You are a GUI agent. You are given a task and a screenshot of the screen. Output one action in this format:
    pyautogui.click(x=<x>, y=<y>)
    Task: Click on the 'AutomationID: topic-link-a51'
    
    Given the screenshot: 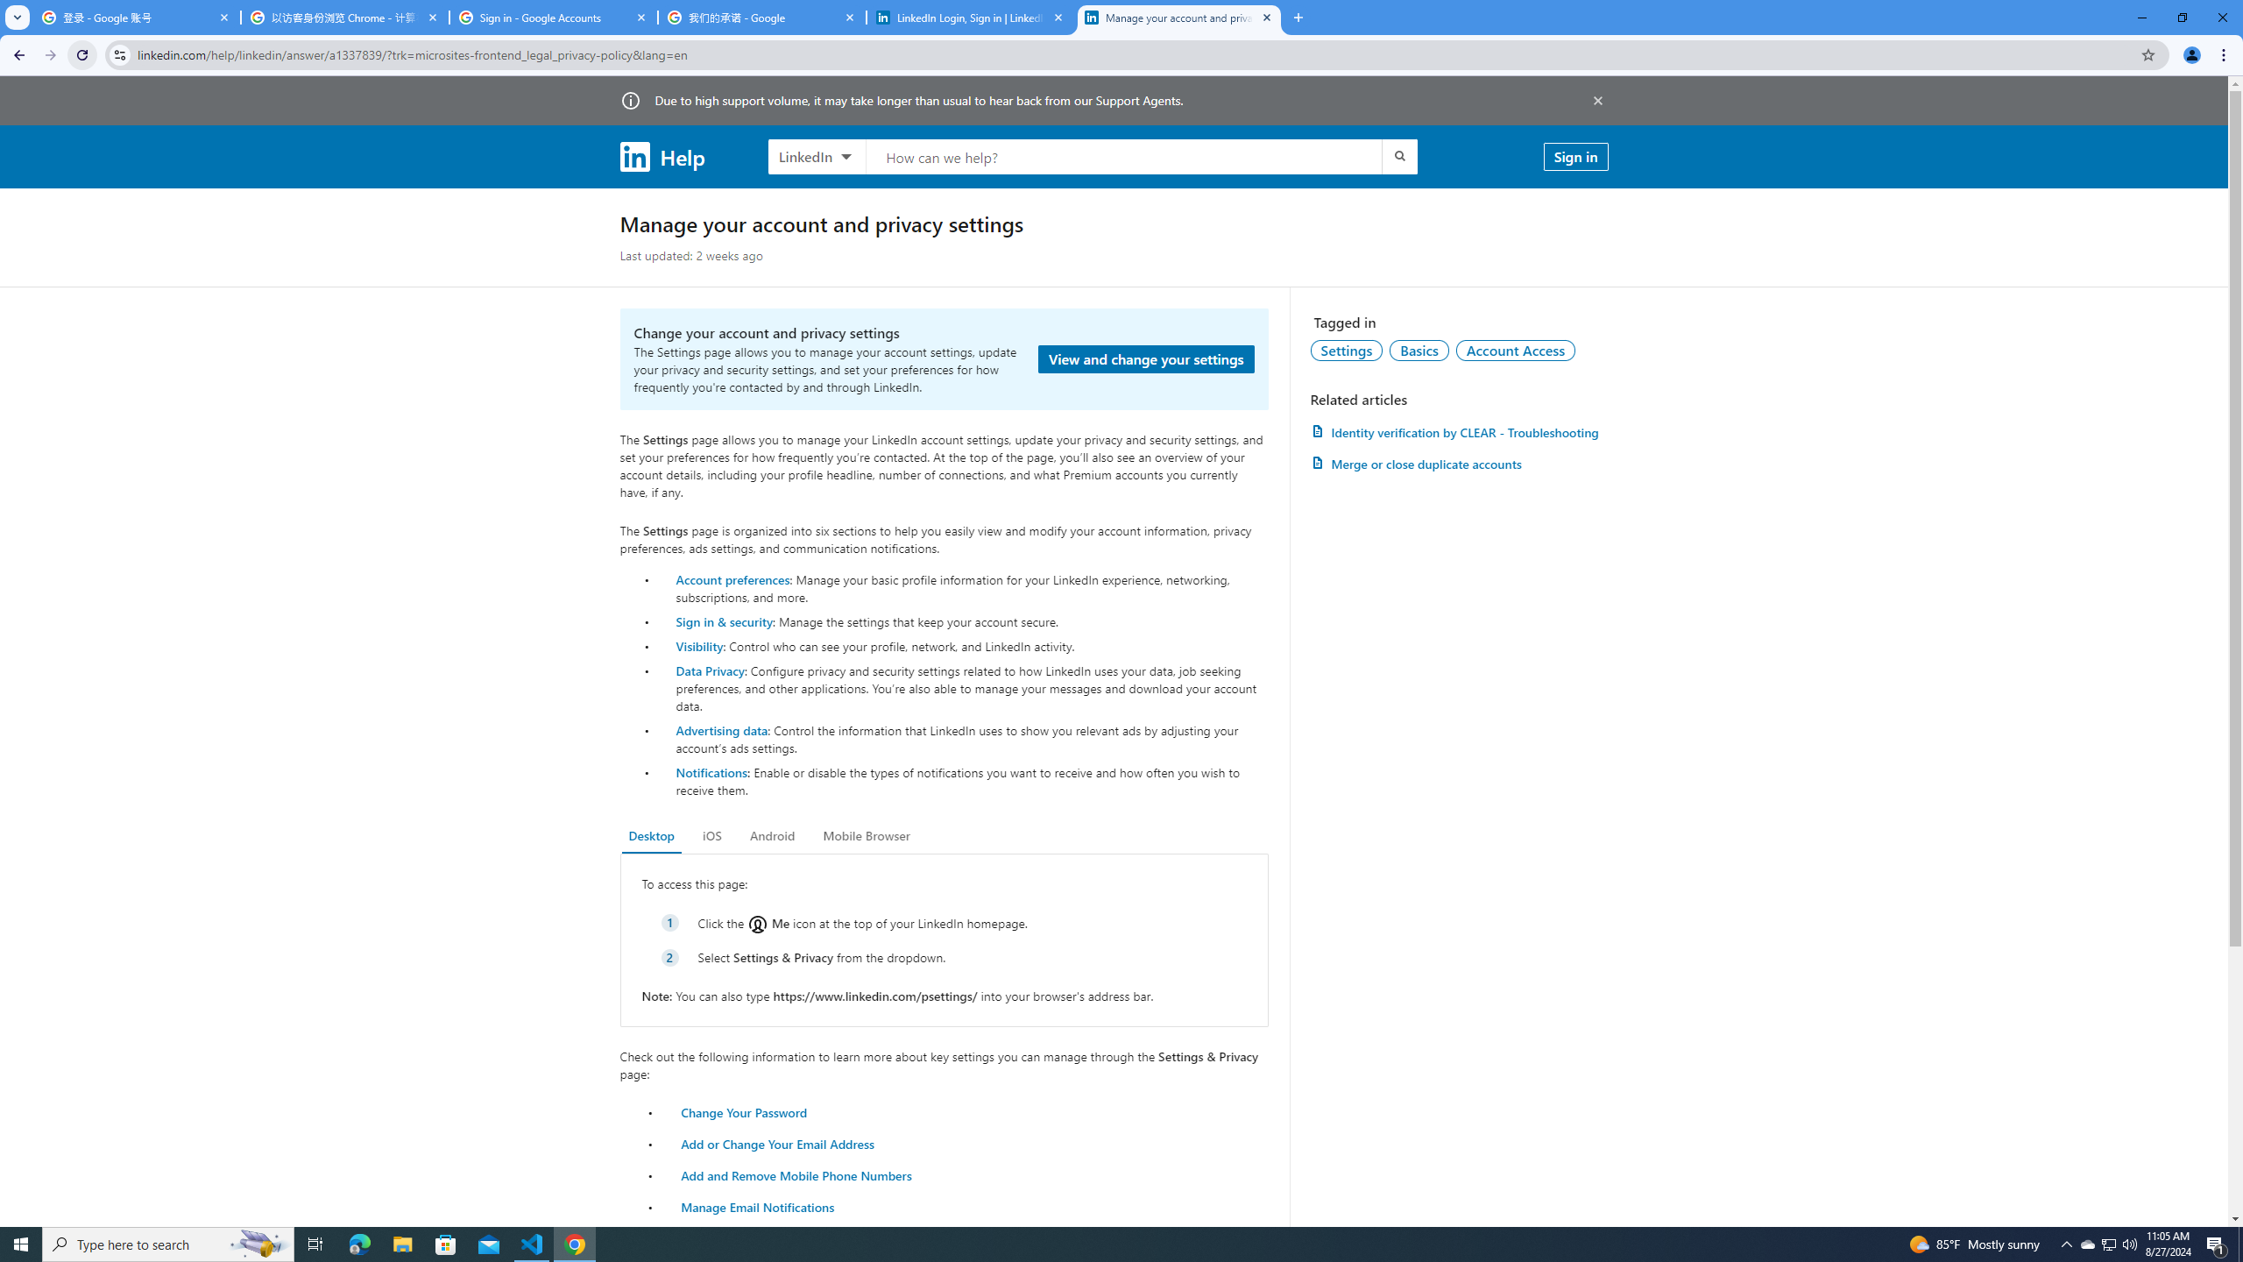 What is the action you would take?
    pyautogui.click(x=1419, y=349)
    